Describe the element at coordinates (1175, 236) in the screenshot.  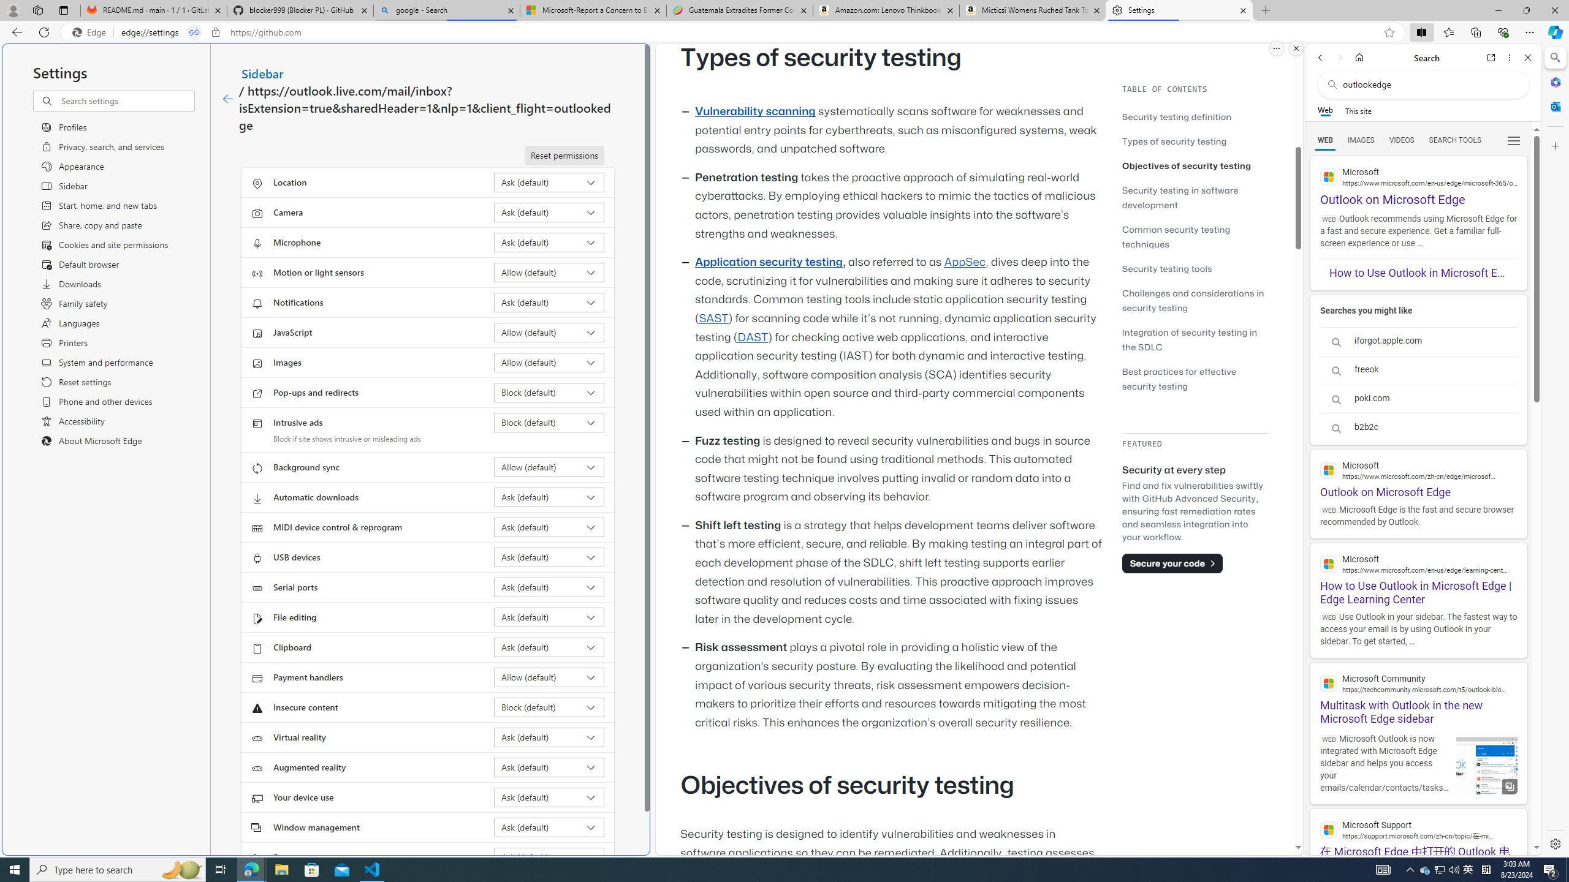
I see `'Common security testing techniques'` at that location.